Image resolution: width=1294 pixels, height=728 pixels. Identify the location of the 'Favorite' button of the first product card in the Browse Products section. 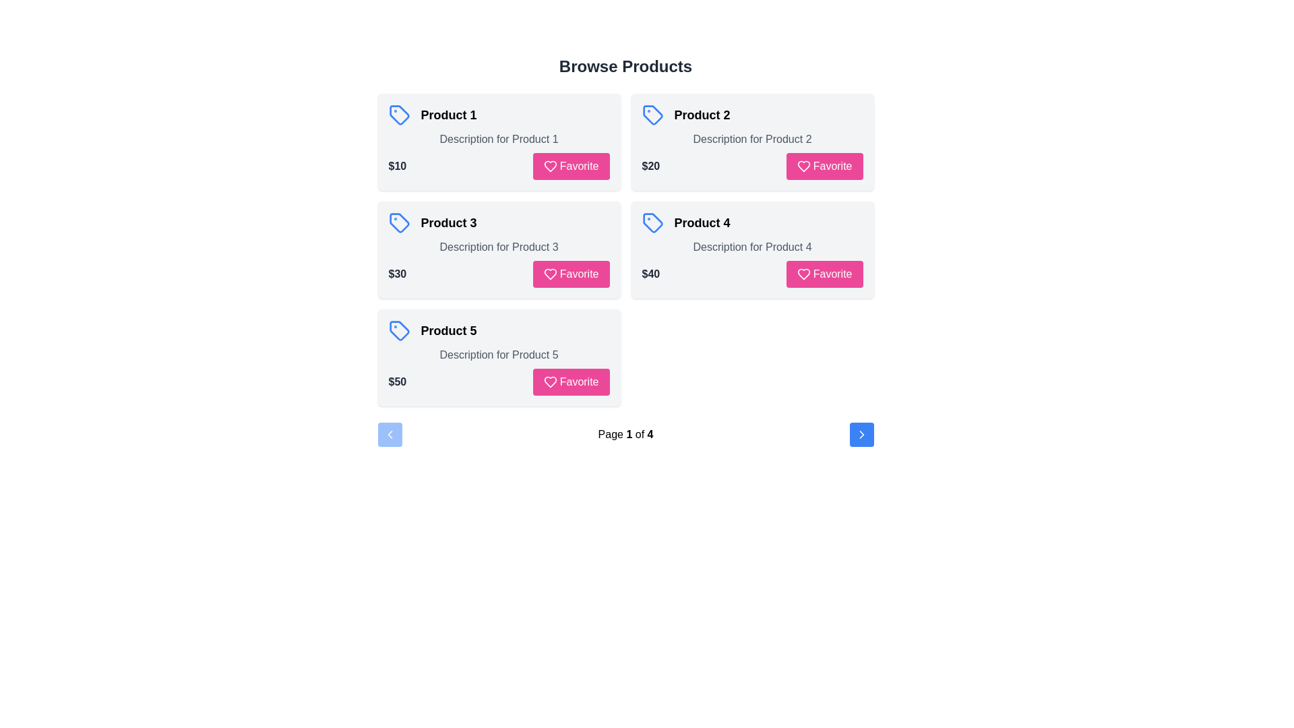
(571, 165).